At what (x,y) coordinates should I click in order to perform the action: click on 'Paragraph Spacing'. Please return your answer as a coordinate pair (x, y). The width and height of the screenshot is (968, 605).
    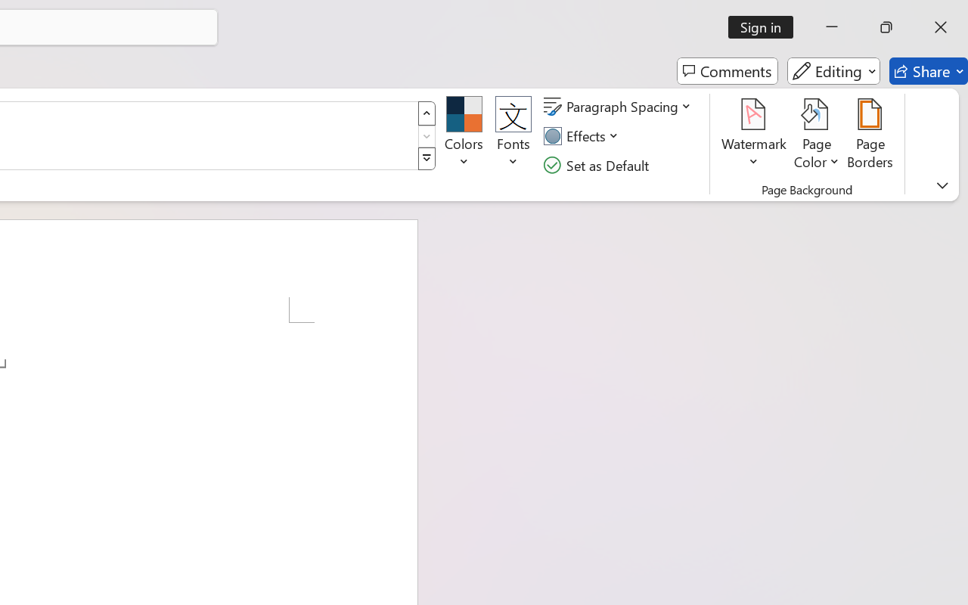
    Looking at the image, I should click on (619, 107).